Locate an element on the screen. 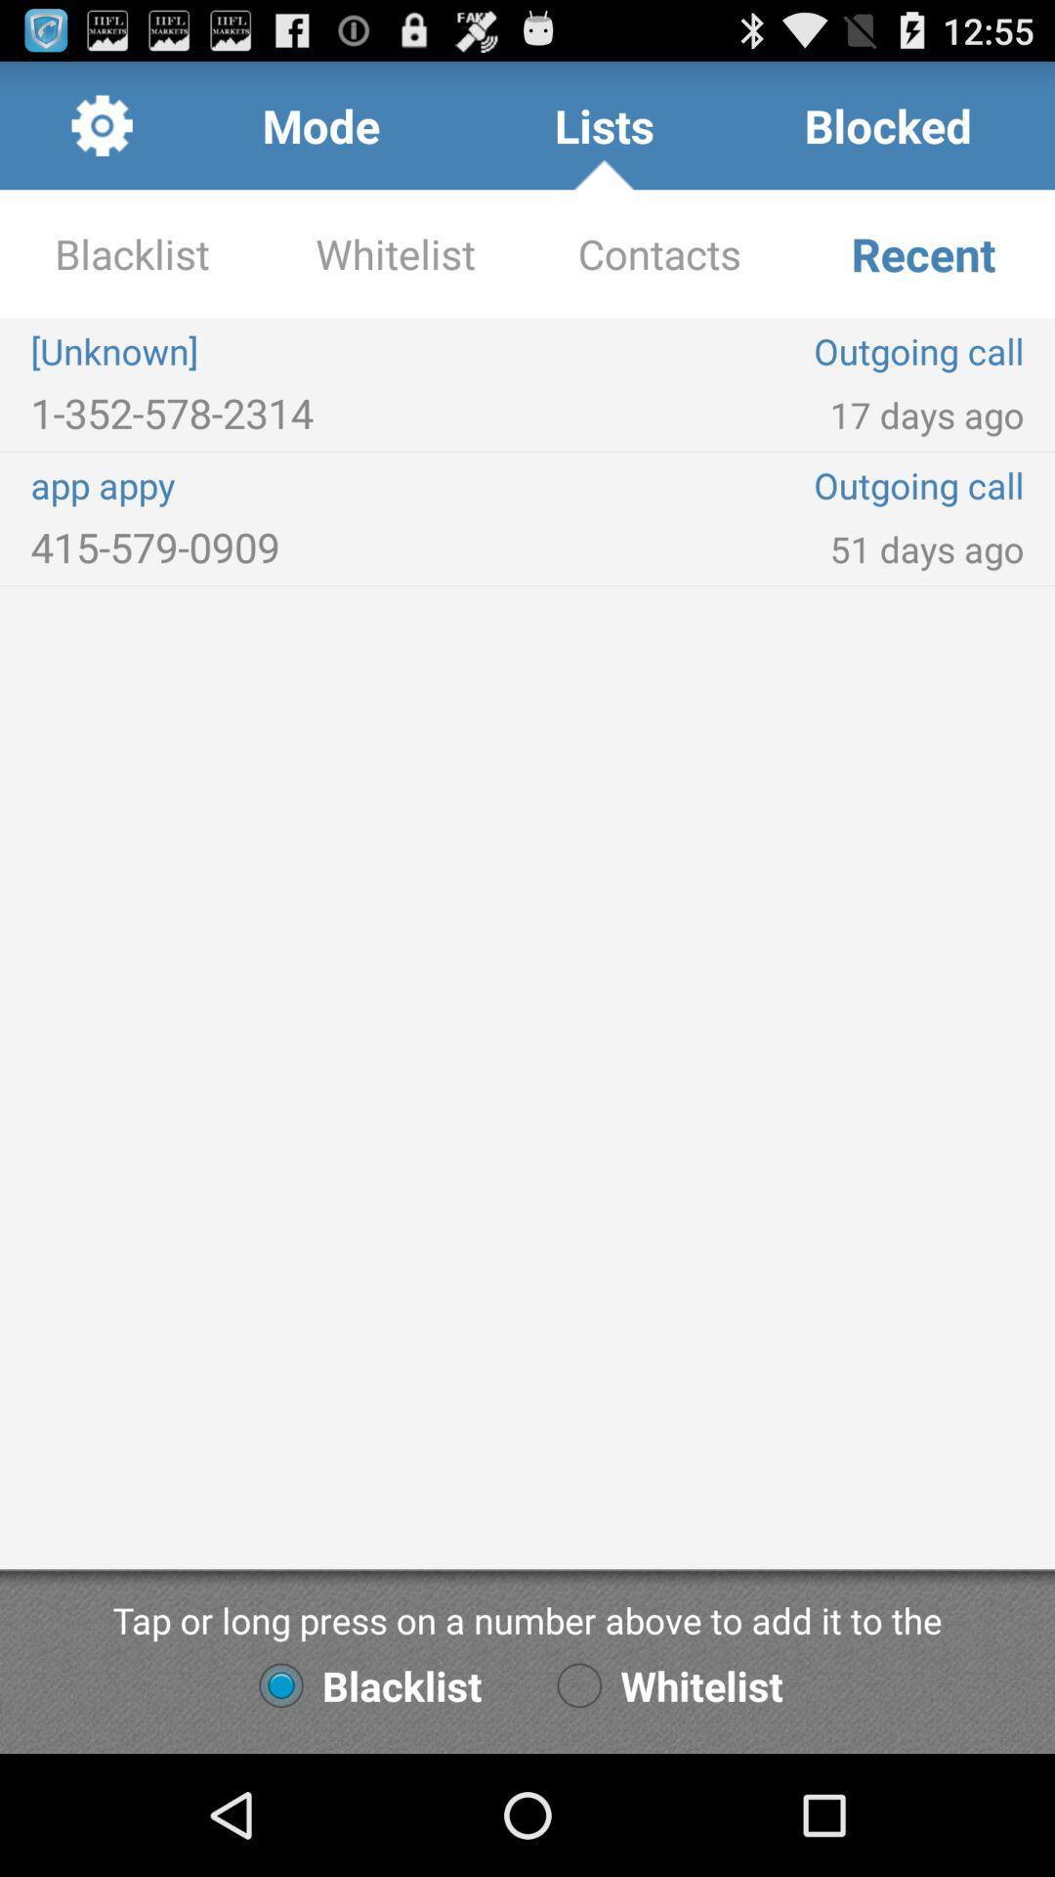 The width and height of the screenshot is (1055, 1877). icon next to recent app is located at coordinates (659, 252).